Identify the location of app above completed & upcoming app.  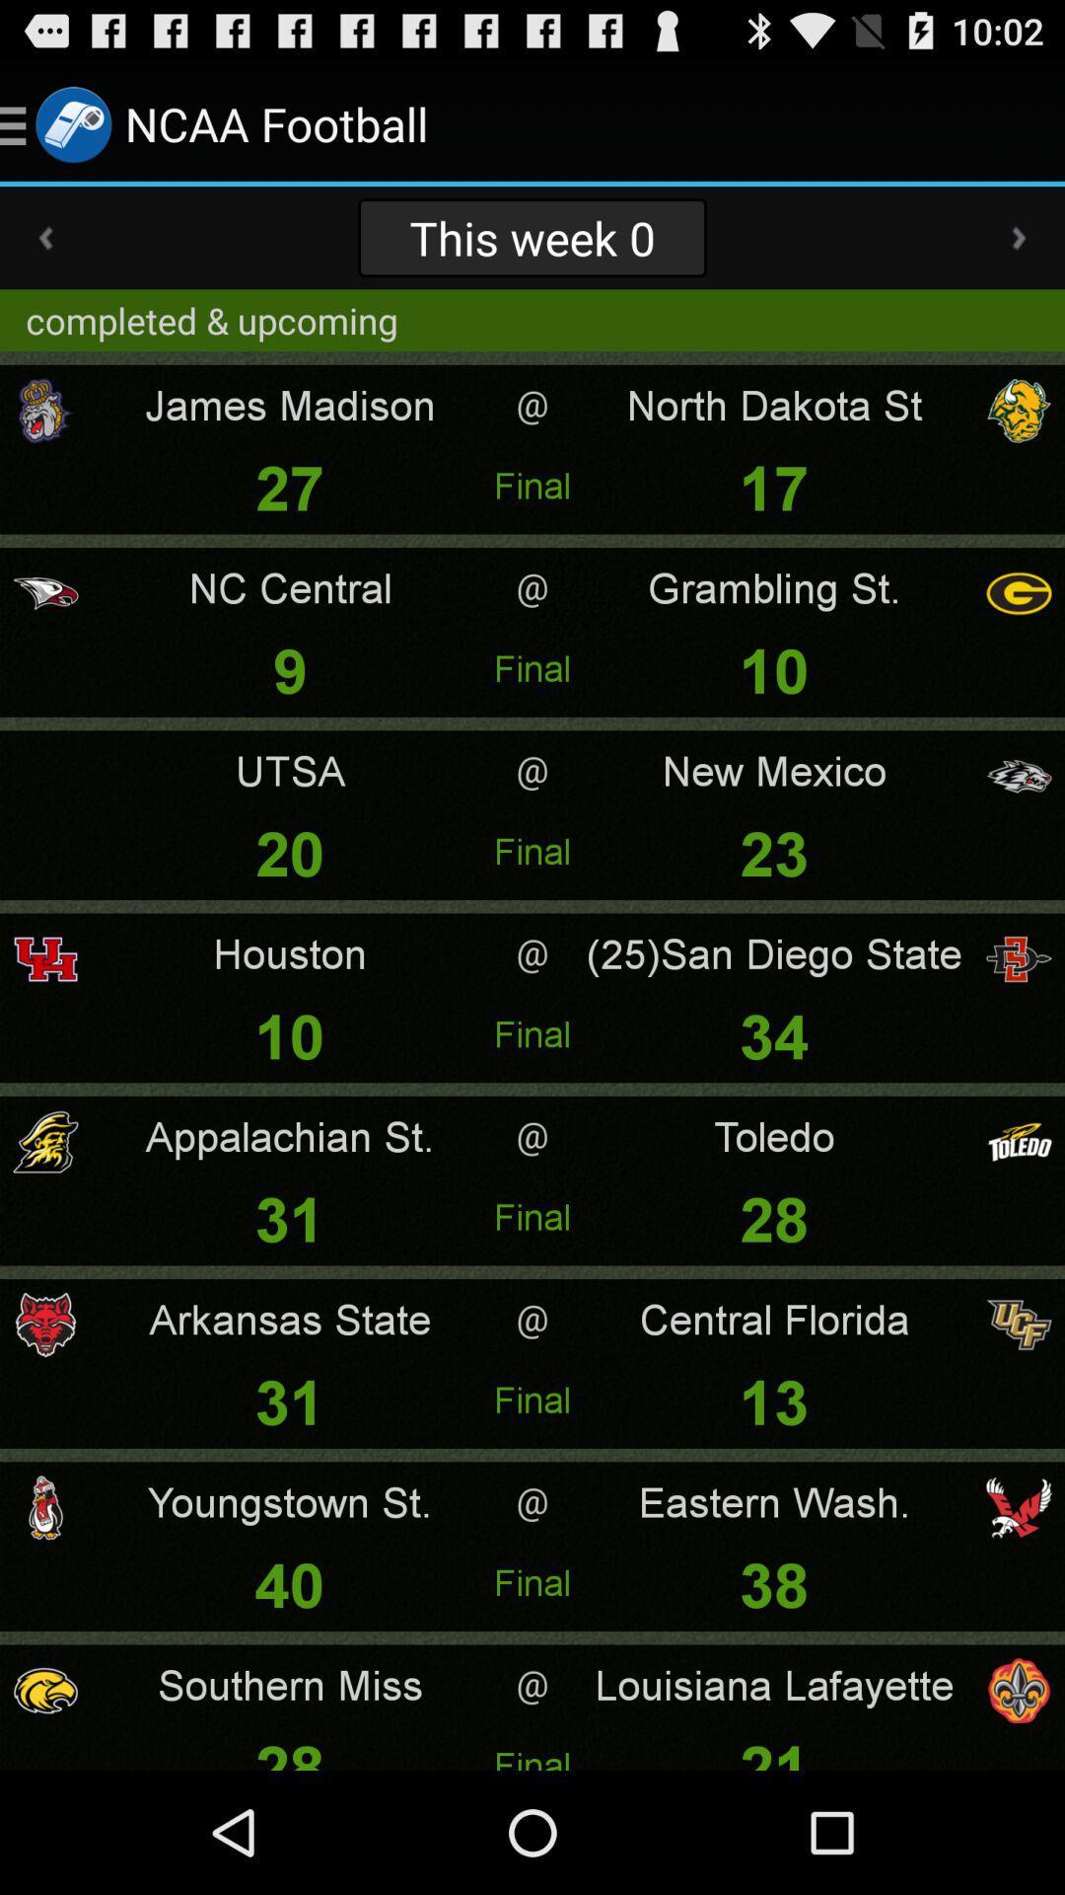
(44, 237).